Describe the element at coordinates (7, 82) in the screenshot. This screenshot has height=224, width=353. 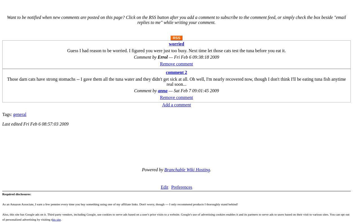
I see `'Those darn cats have strong stomachs -- I gave them all the tuna water and they didn't get sick at all.  Oh well, I'm nearly recovered now, though I don't think I'll be eating tuna fish anytime real soon...'` at that location.